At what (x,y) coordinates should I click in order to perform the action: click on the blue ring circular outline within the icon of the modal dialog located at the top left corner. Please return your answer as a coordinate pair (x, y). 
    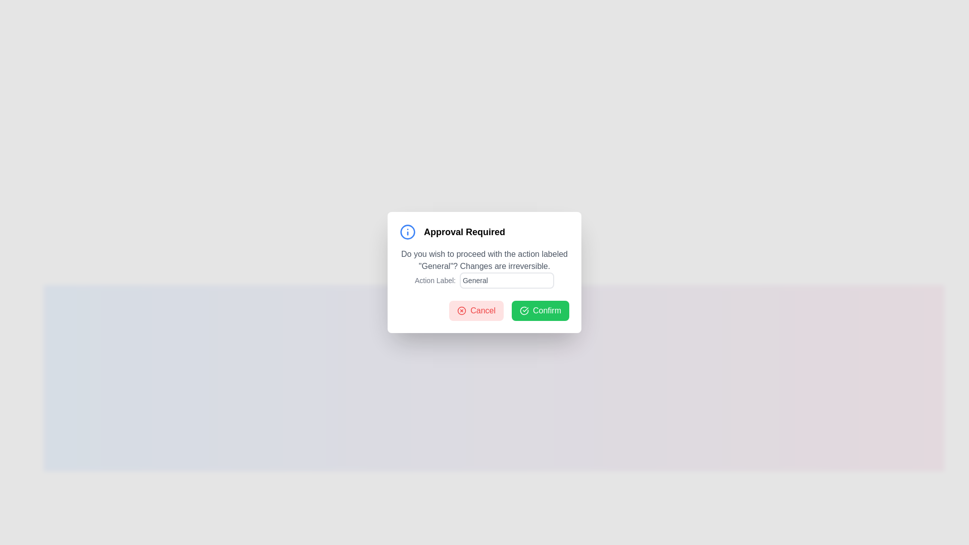
    Looking at the image, I should click on (407, 232).